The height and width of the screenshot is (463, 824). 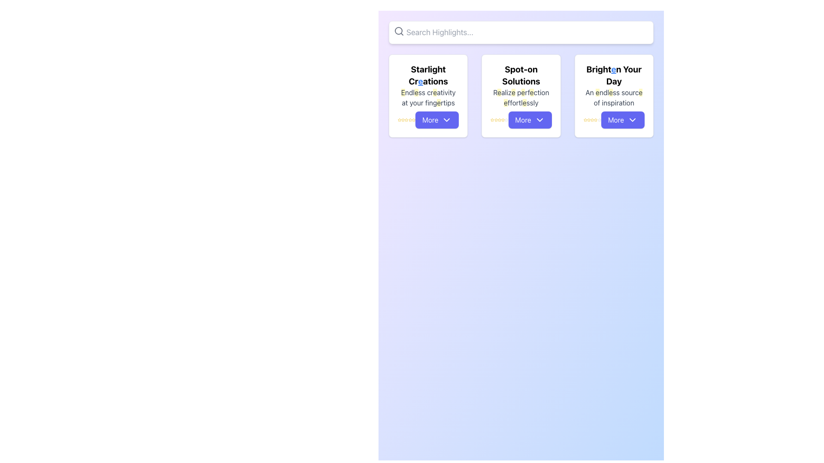 I want to click on the first yellow star icon in the horizontal sequence of rating stars located under the 'Brighten Your Day' card, so click(x=585, y=120).